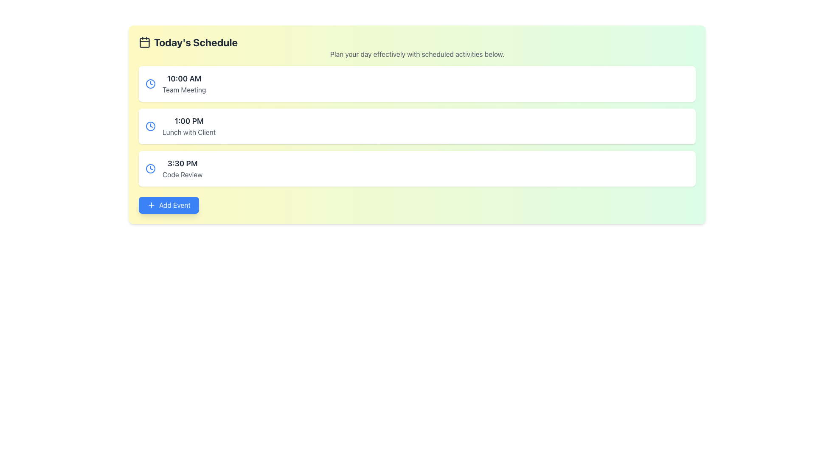 This screenshot has width=815, height=458. What do you see at coordinates (144, 42) in the screenshot?
I see `the decorative graphic representing the calendar date box, which is a small rounded rectangle situated within the larger calendar icon, located near the text 'Today's Schedule' at the top-left of the interface` at bounding box center [144, 42].